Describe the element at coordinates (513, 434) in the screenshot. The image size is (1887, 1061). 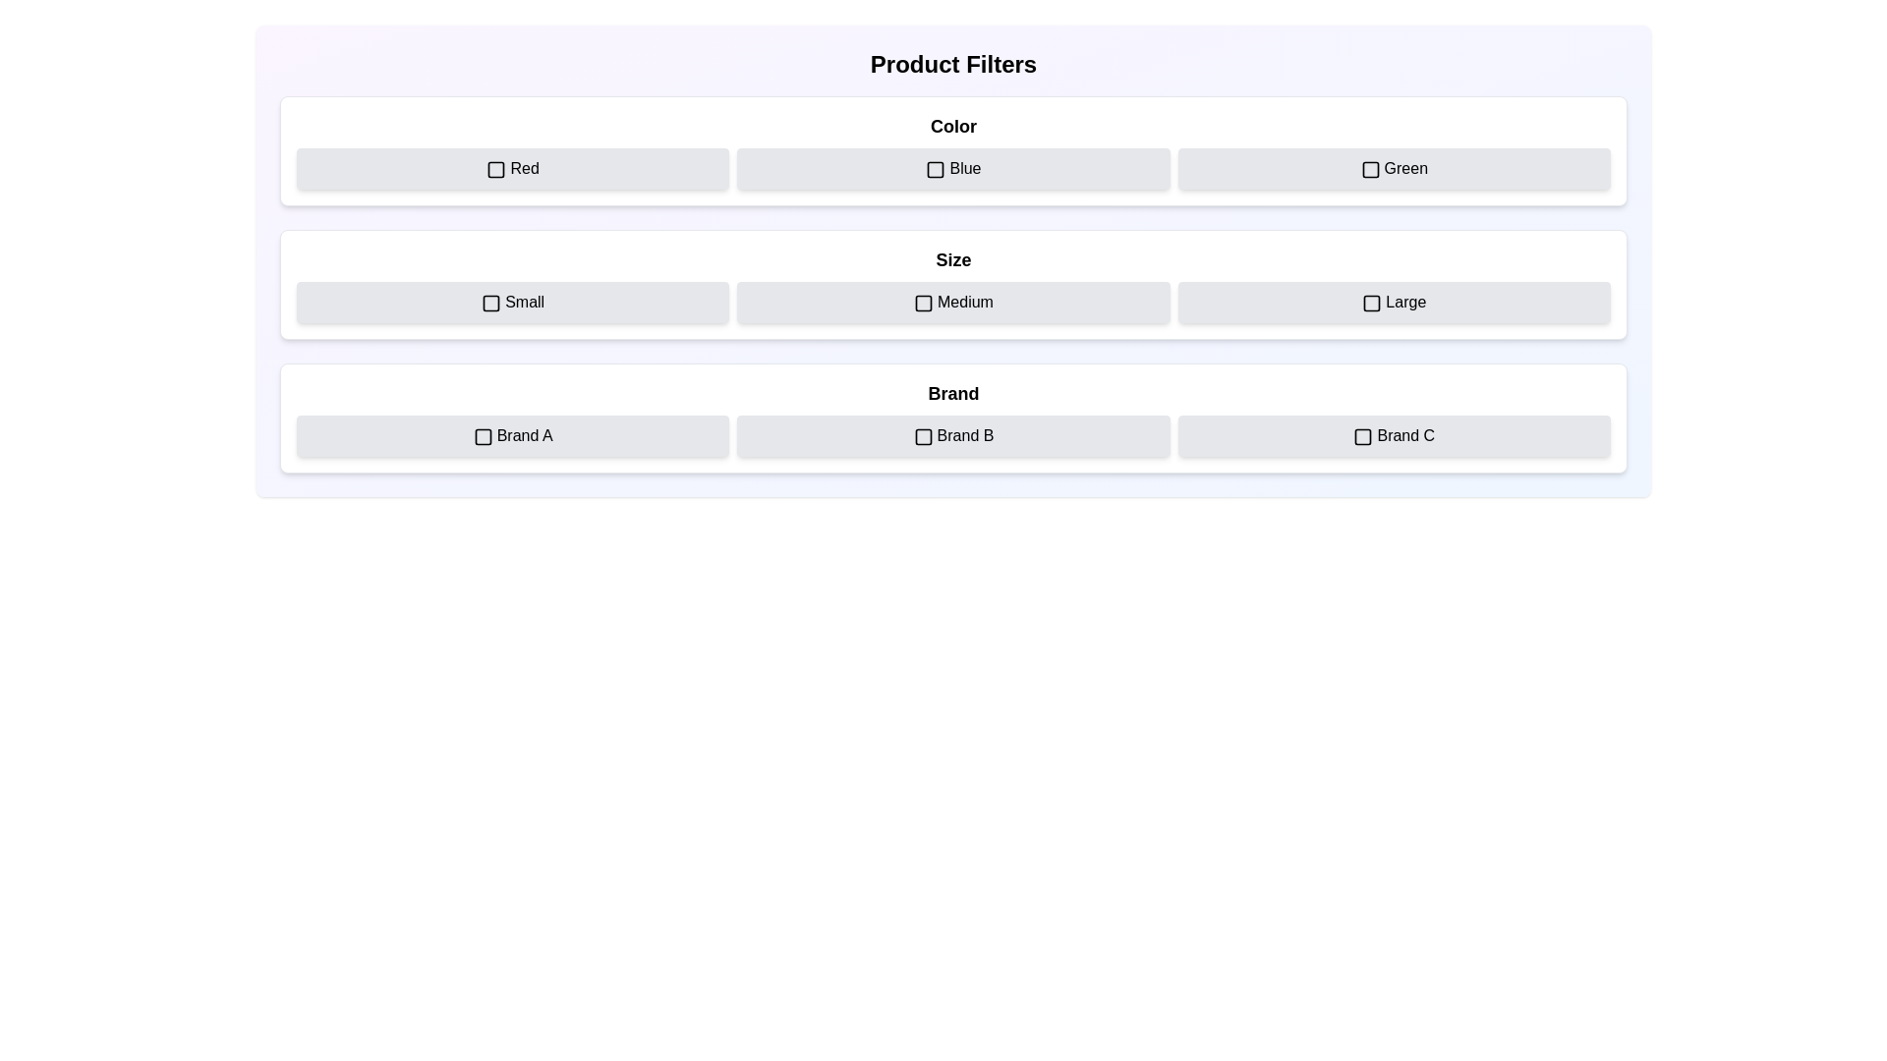
I see `the checkbox labeled 'Brand A'` at that location.